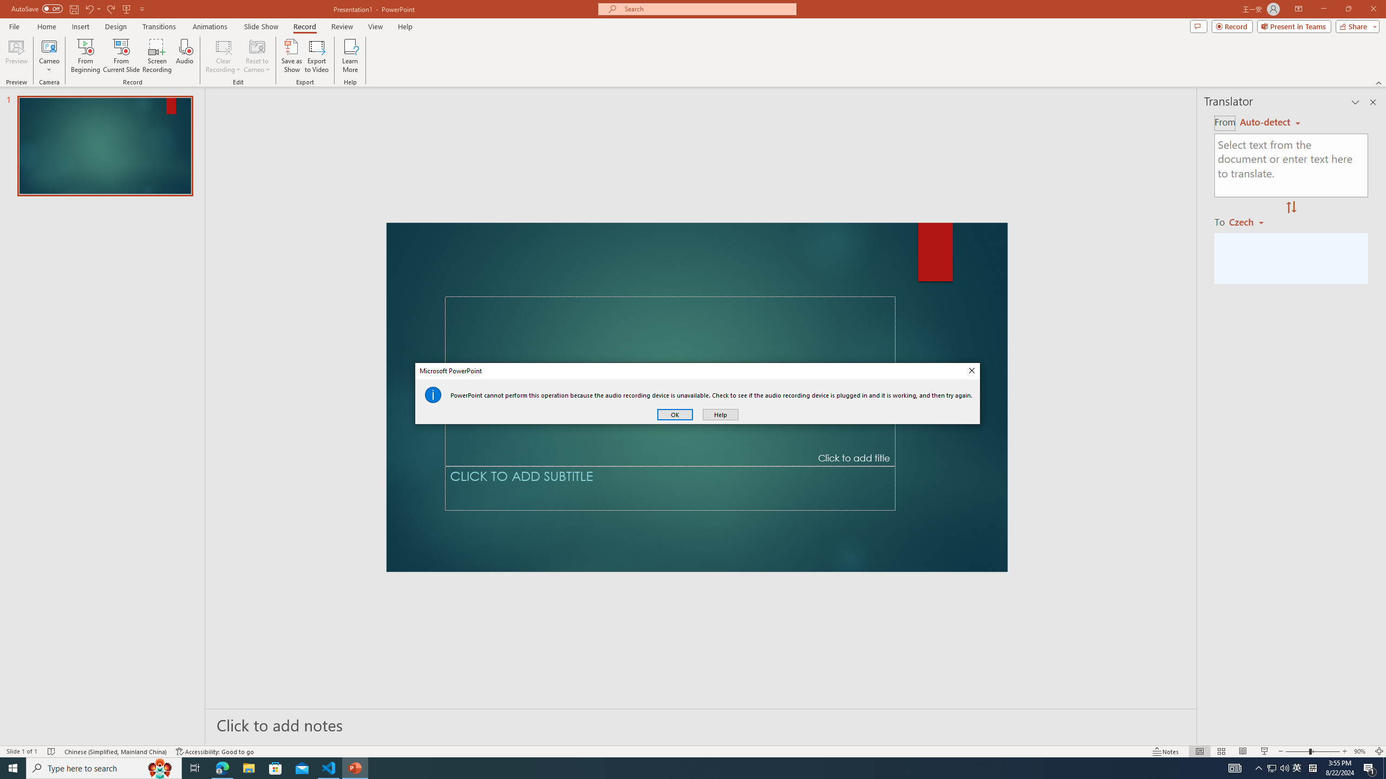 This screenshot has height=779, width=1386. I want to click on 'Accessibility Checker Accessibility: Good to go', so click(215, 751).